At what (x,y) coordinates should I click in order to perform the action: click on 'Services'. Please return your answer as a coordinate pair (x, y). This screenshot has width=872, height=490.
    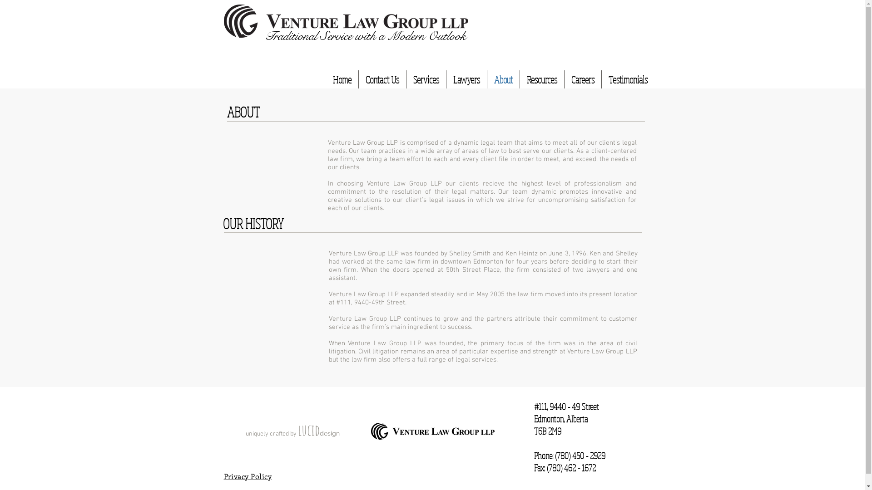
    Looking at the image, I should click on (425, 78).